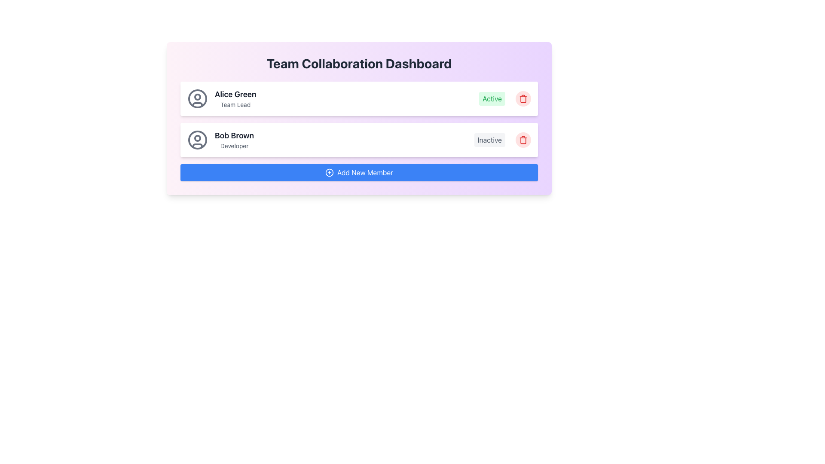 The height and width of the screenshot is (464, 825). What do you see at coordinates (523, 98) in the screenshot?
I see `the delete button located in the upper row of the user status list, positioned to the far-right side next to the 'Active' label` at bounding box center [523, 98].